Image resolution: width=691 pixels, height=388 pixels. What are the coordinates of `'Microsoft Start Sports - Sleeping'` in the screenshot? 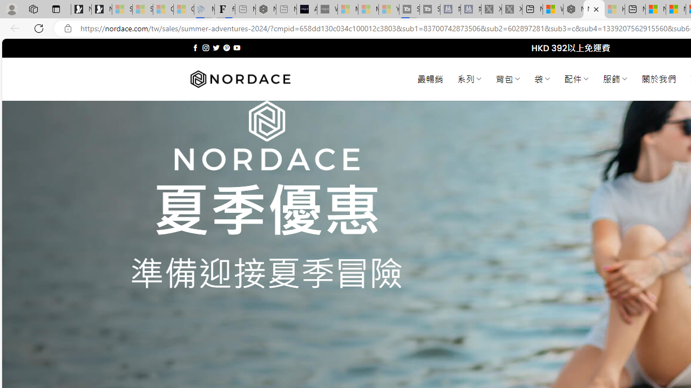 It's located at (348, 9).